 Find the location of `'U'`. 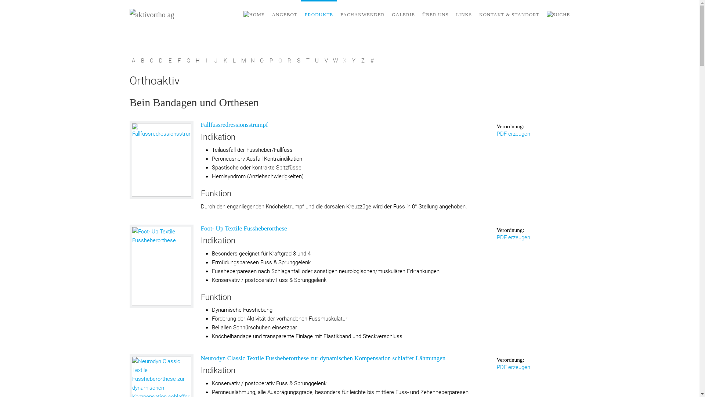

'U' is located at coordinates (317, 60).